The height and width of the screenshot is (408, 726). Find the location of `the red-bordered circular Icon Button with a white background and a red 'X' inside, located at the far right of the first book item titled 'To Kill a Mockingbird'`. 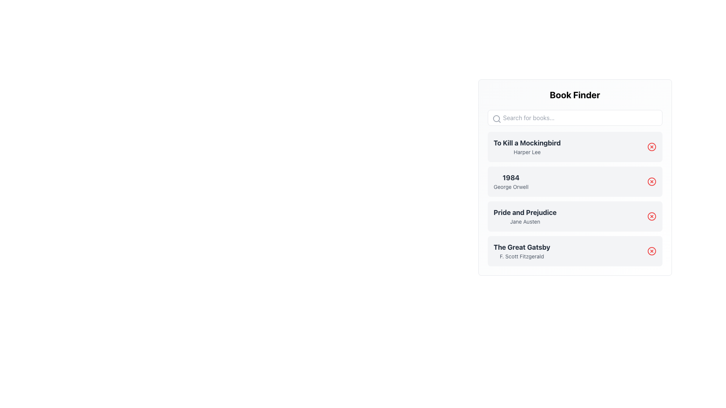

the red-bordered circular Icon Button with a white background and a red 'X' inside, located at the far right of the first book item titled 'To Kill a Mockingbird' is located at coordinates (651, 147).